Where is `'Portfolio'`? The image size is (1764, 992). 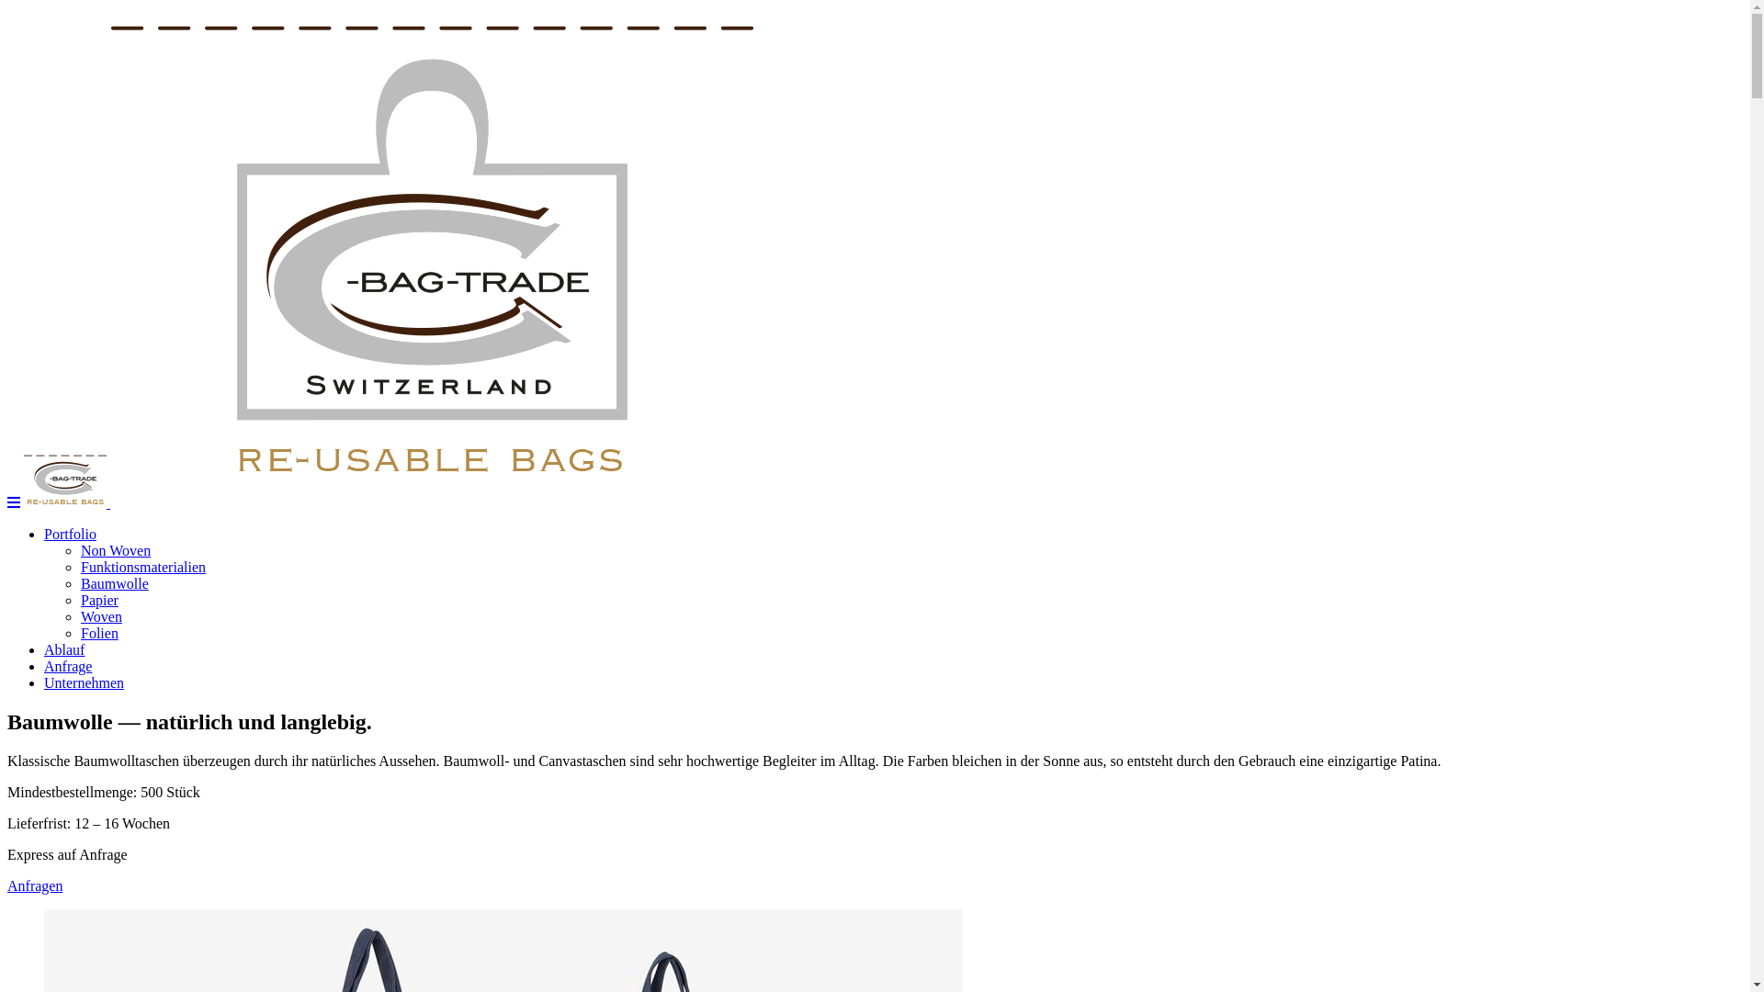
'Portfolio' is located at coordinates (70, 534).